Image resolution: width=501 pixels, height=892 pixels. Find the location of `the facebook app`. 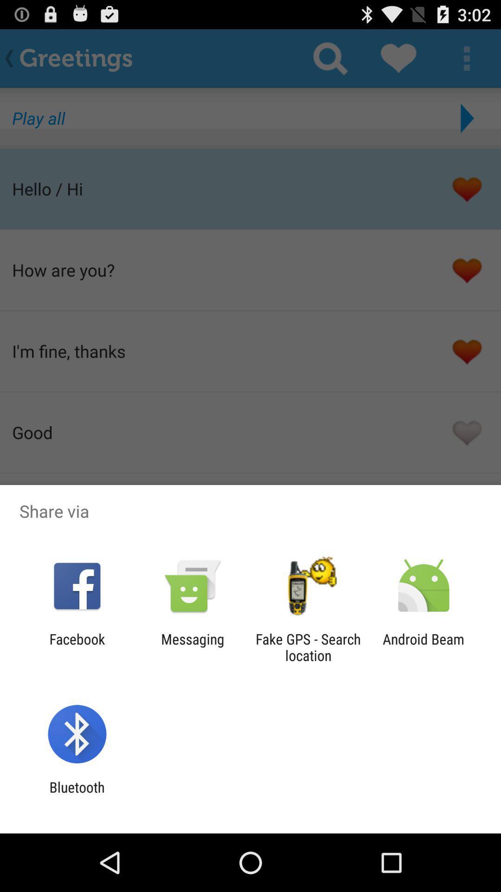

the facebook app is located at coordinates (77, 647).